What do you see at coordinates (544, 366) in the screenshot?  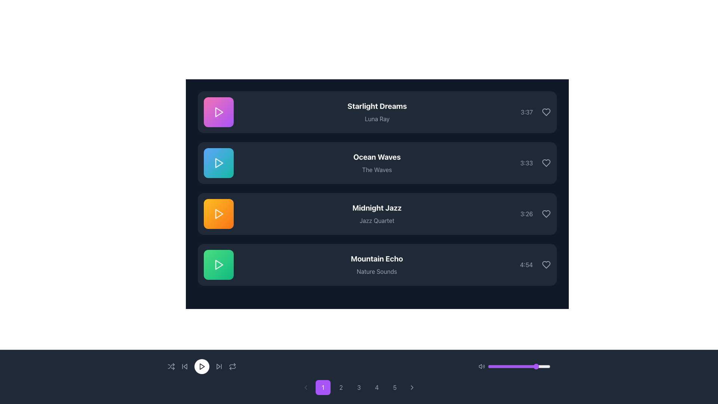 I see `the volume` at bounding box center [544, 366].